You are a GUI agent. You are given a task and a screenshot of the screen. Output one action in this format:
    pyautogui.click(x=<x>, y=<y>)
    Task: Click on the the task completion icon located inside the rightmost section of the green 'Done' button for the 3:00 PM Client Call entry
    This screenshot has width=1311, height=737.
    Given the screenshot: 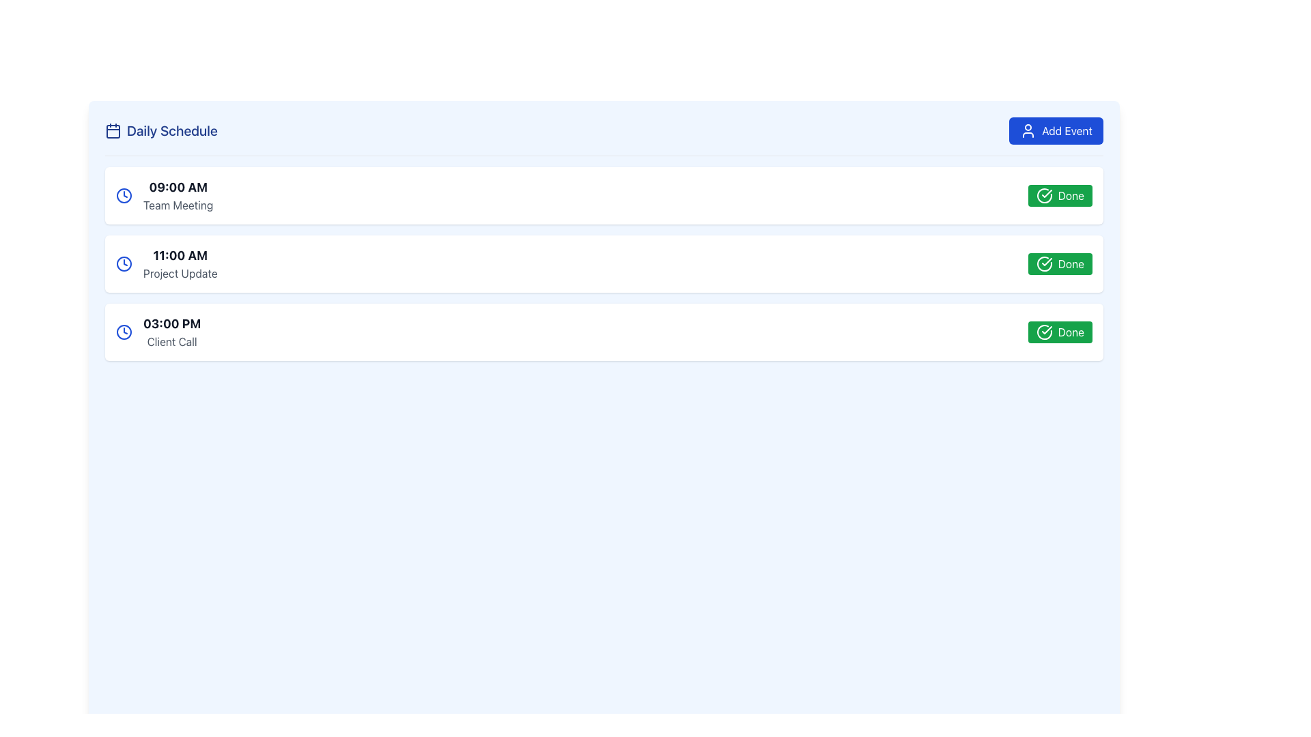 What is the action you would take?
    pyautogui.click(x=1043, y=332)
    